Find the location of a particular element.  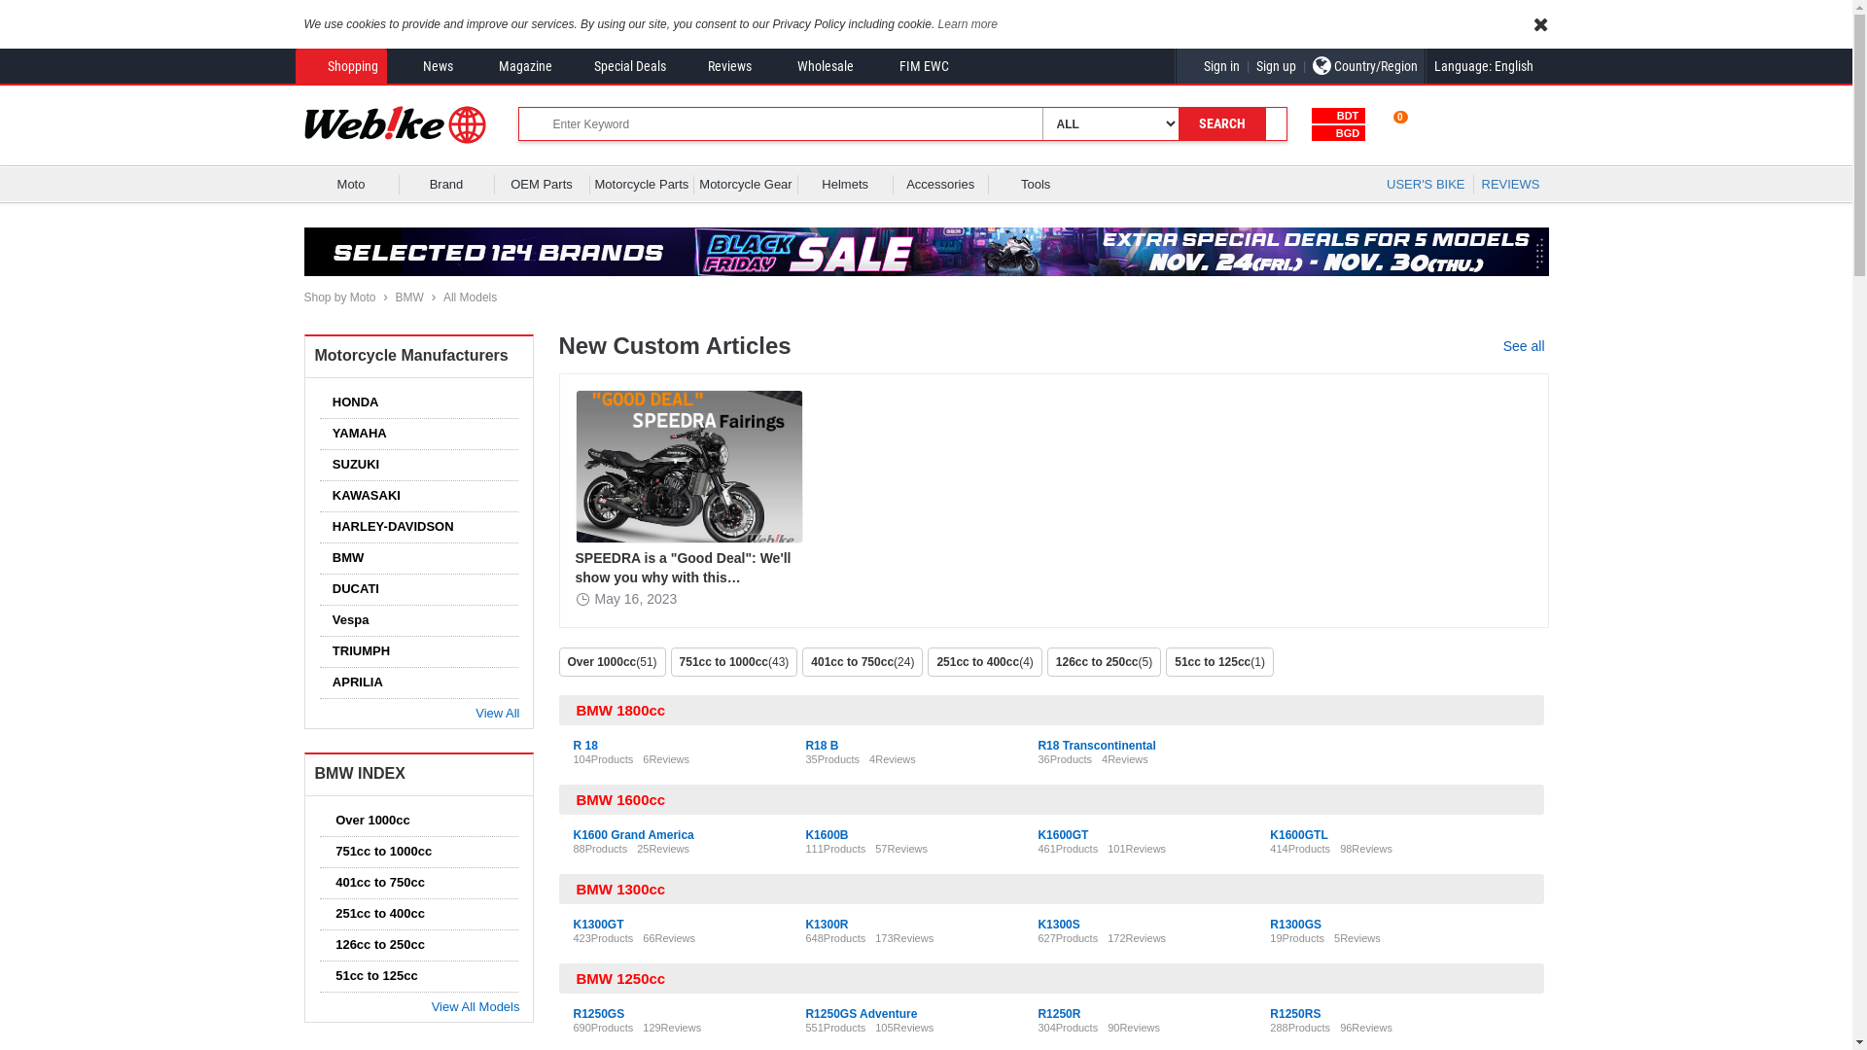

'98Reviews' is located at coordinates (1338, 847).